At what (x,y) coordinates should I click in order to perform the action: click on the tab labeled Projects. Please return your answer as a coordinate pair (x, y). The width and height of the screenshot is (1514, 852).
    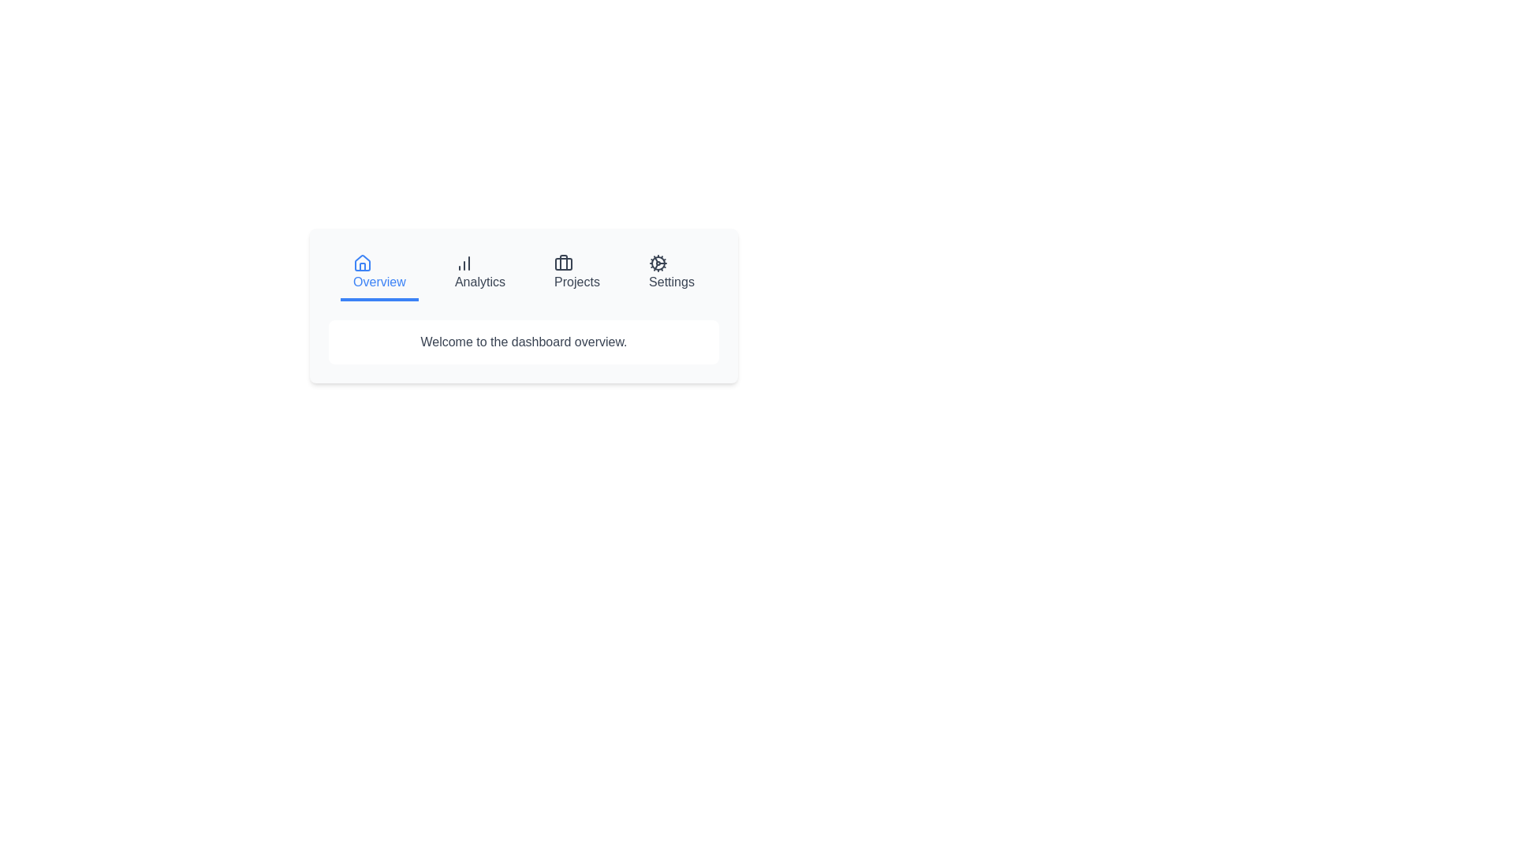
    Looking at the image, I should click on (576, 273).